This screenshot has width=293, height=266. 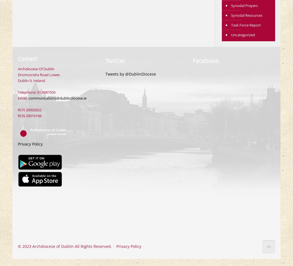 I want to click on '© 2023 Archdiocese of Dublin All Rights Reserved.', so click(x=65, y=246).